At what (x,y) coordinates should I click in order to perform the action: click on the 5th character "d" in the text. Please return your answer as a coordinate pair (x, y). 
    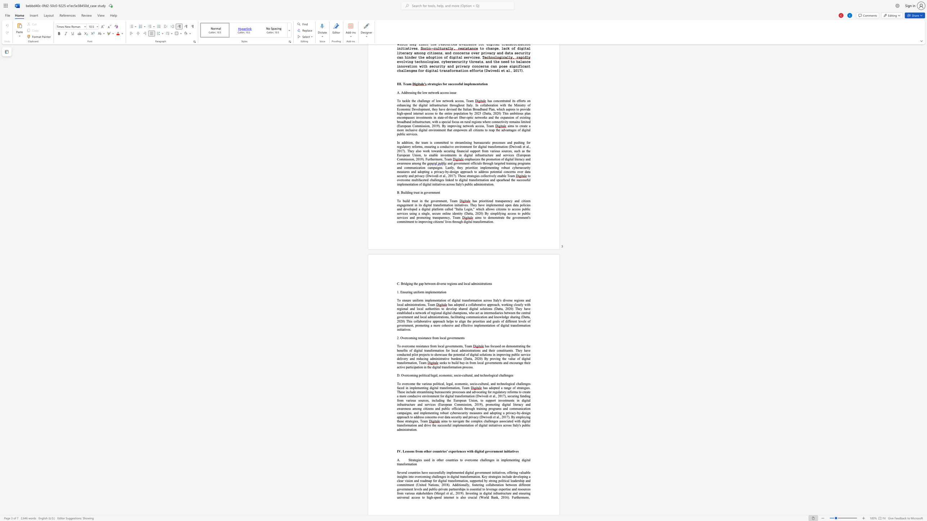
    Looking at the image, I should click on (410, 355).